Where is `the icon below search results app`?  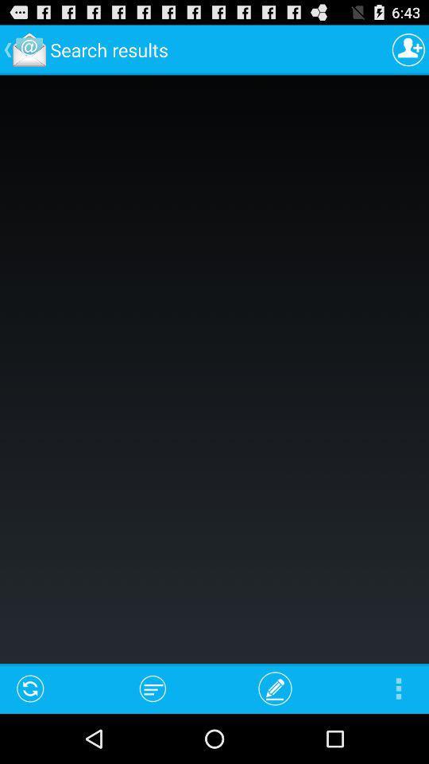 the icon below search results app is located at coordinates (153, 688).